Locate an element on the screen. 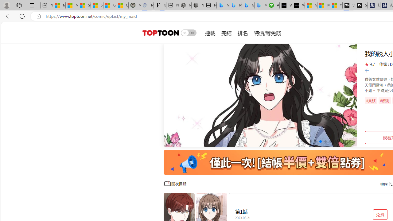 This screenshot has height=221, width=393. 'Microsoft Bing Travel - Shangri-La Hotel Bangkok' is located at coordinates (261, 5).